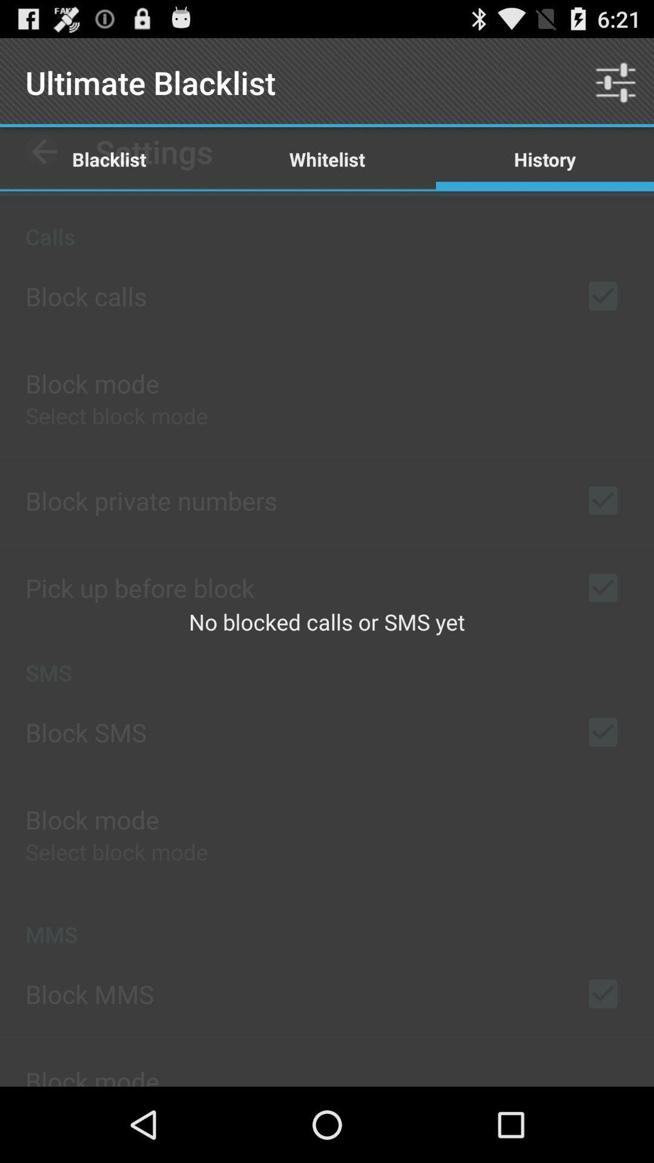 The image size is (654, 1163). I want to click on the item next to the history icon, so click(327, 158).